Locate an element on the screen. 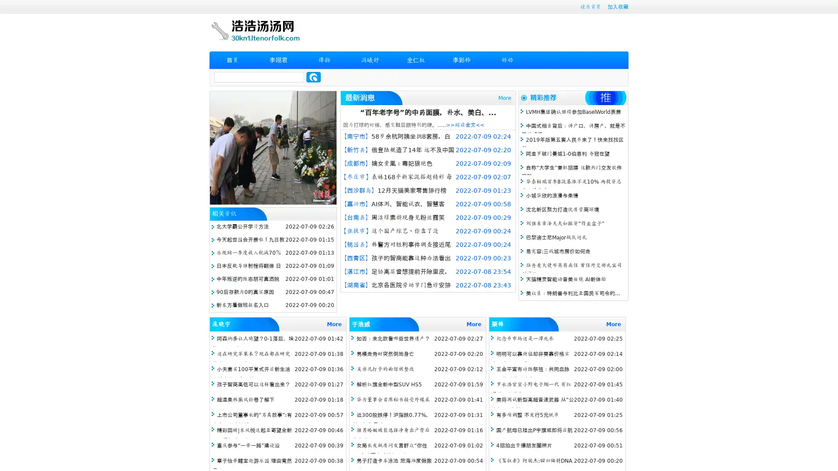 The image size is (838, 471). Search is located at coordinates (313, 77).